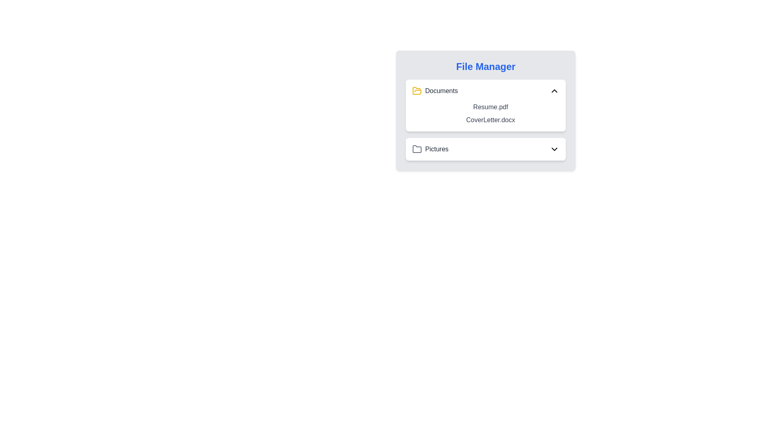 Image resolution: width=776 pixels, height=437 pixels. I want to click on the file label for 'Resume.pdf', so click(485, 110).